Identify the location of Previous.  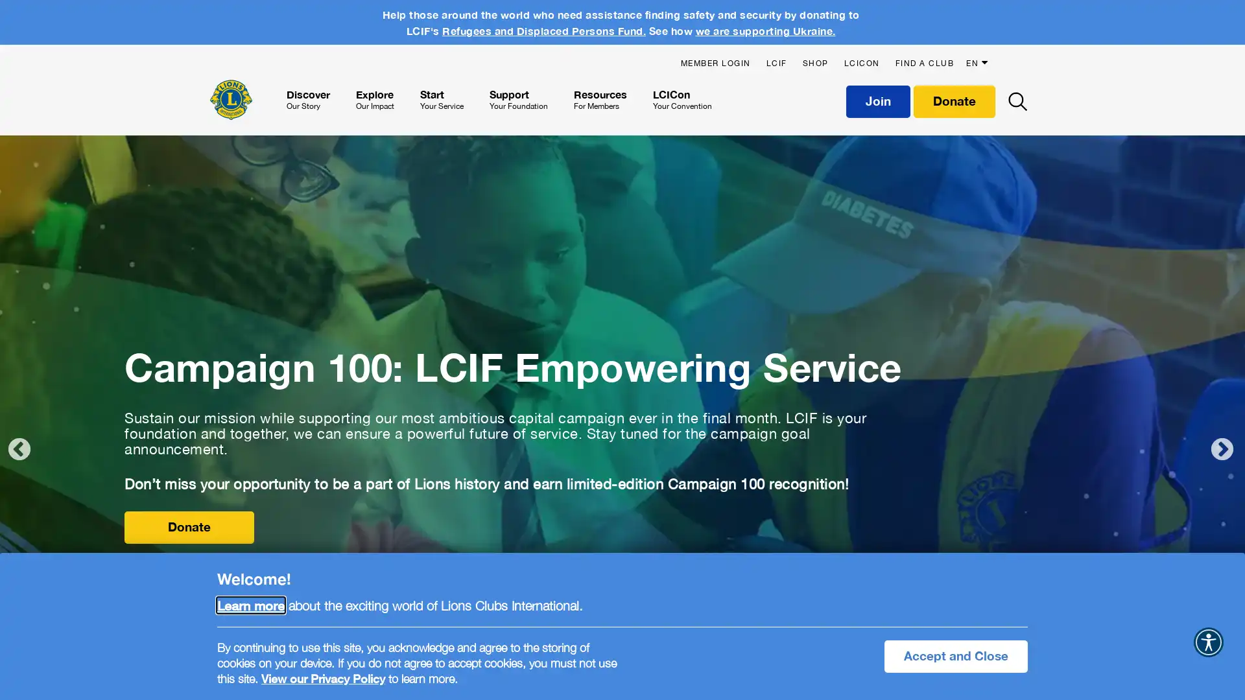
(19, 449).